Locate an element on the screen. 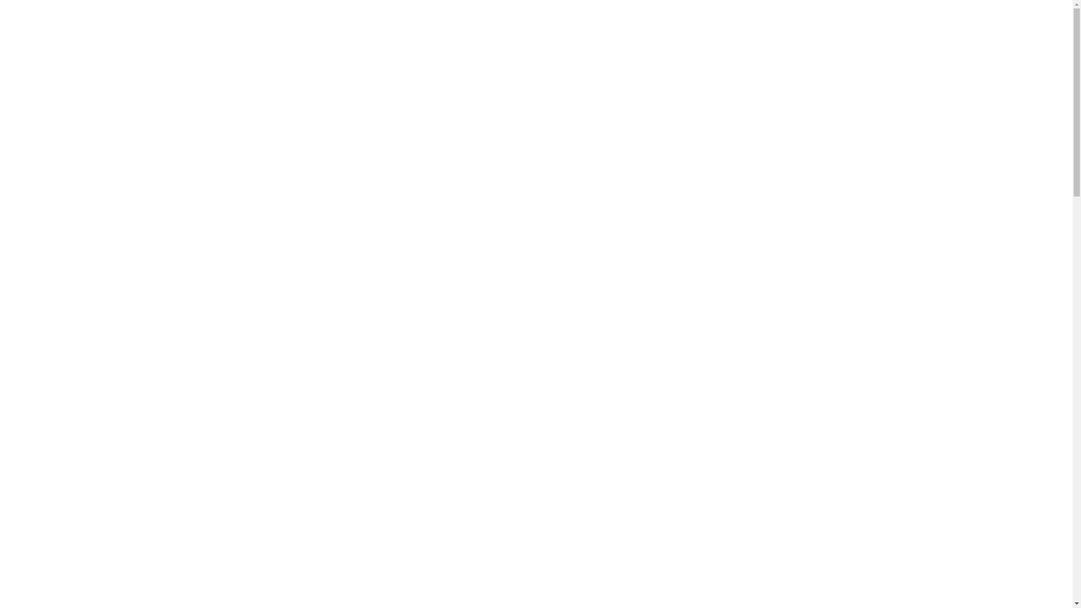 The width and height of the screenshot is (1081, 608). 'Lansing' is located at coordinates (256, 64).